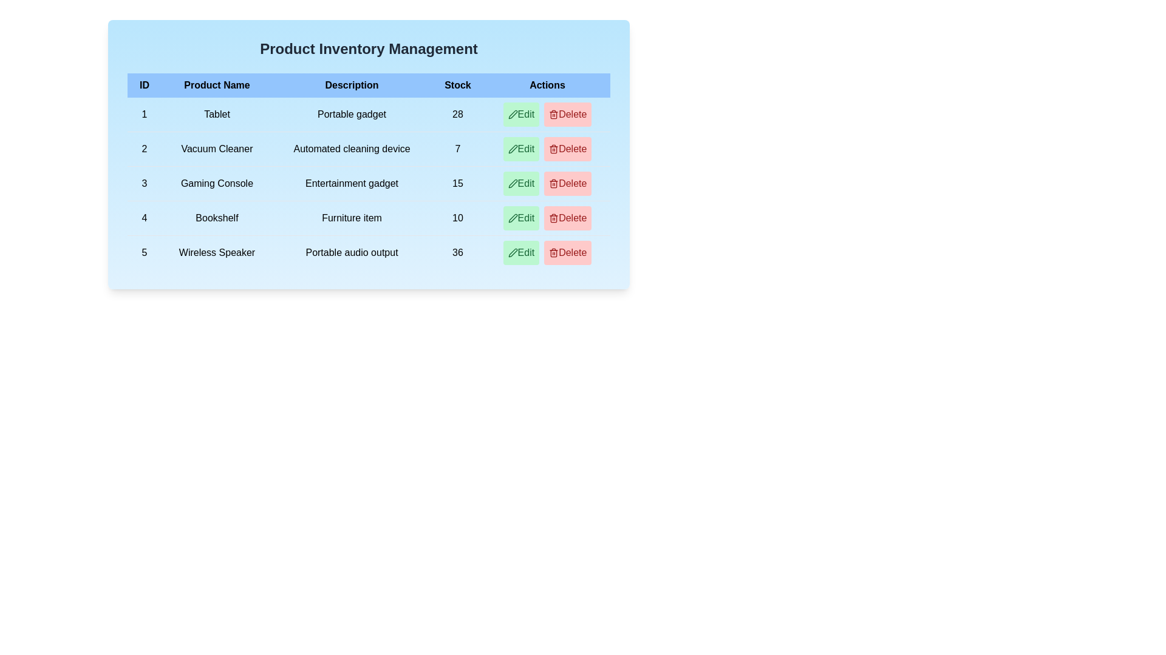  Describe the element at coordinates (521, 217) in the screenshot. I see `the green 'Edit' button with a pencil icon located in the 'Actions' column of the 'Bookshelf' item row` at that location.